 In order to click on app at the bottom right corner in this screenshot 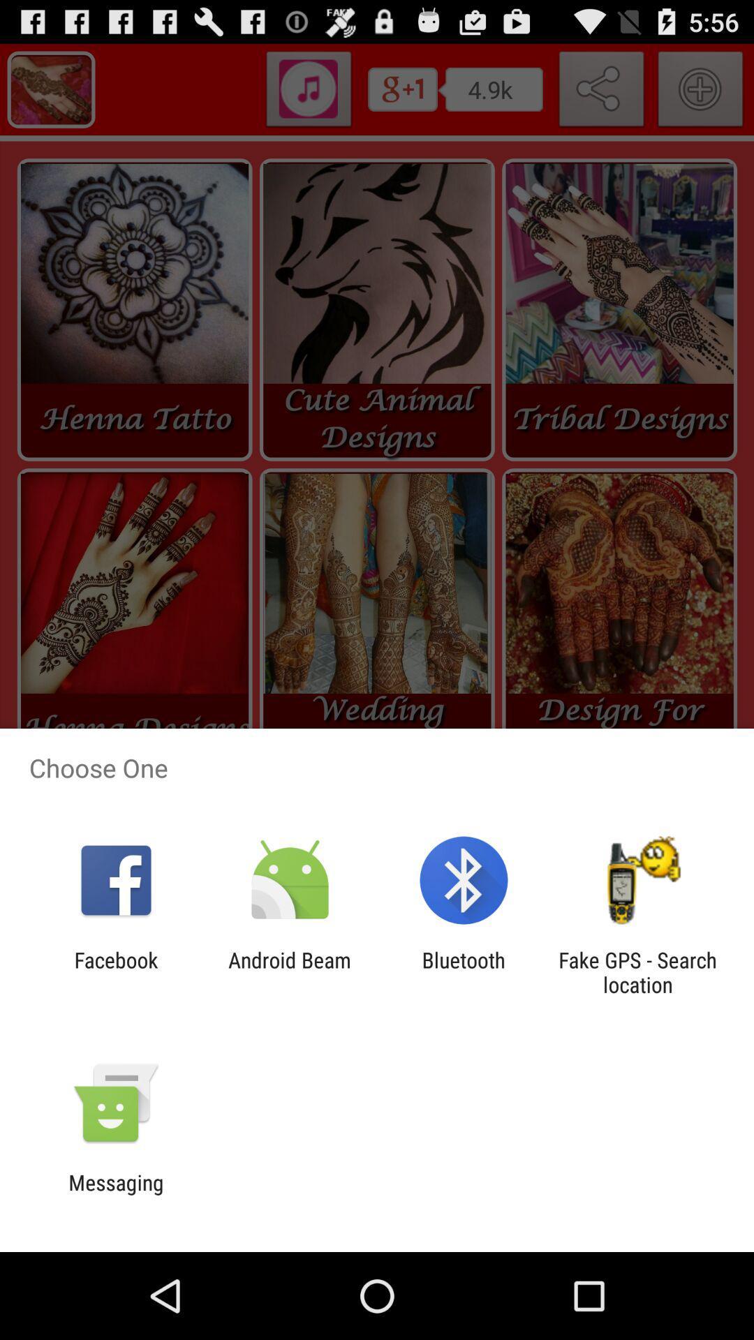, I will do `click(637, 971)`.